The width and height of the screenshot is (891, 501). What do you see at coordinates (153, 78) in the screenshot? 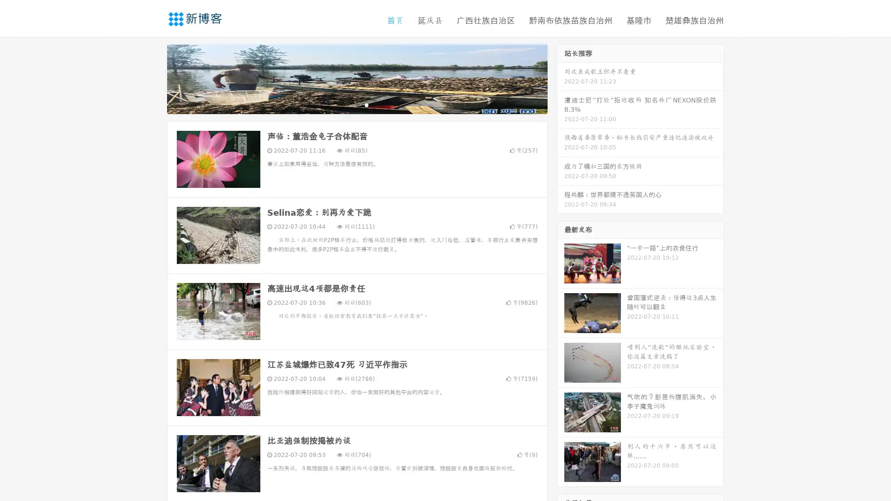
I see `Previous slide` at bounding box center [153, 78].